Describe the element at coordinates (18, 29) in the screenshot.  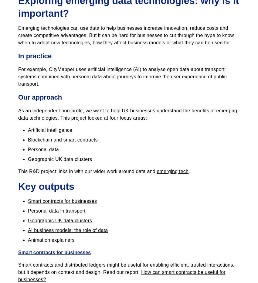
I see `'See all research and development around data innovation for the UK'` at that location.